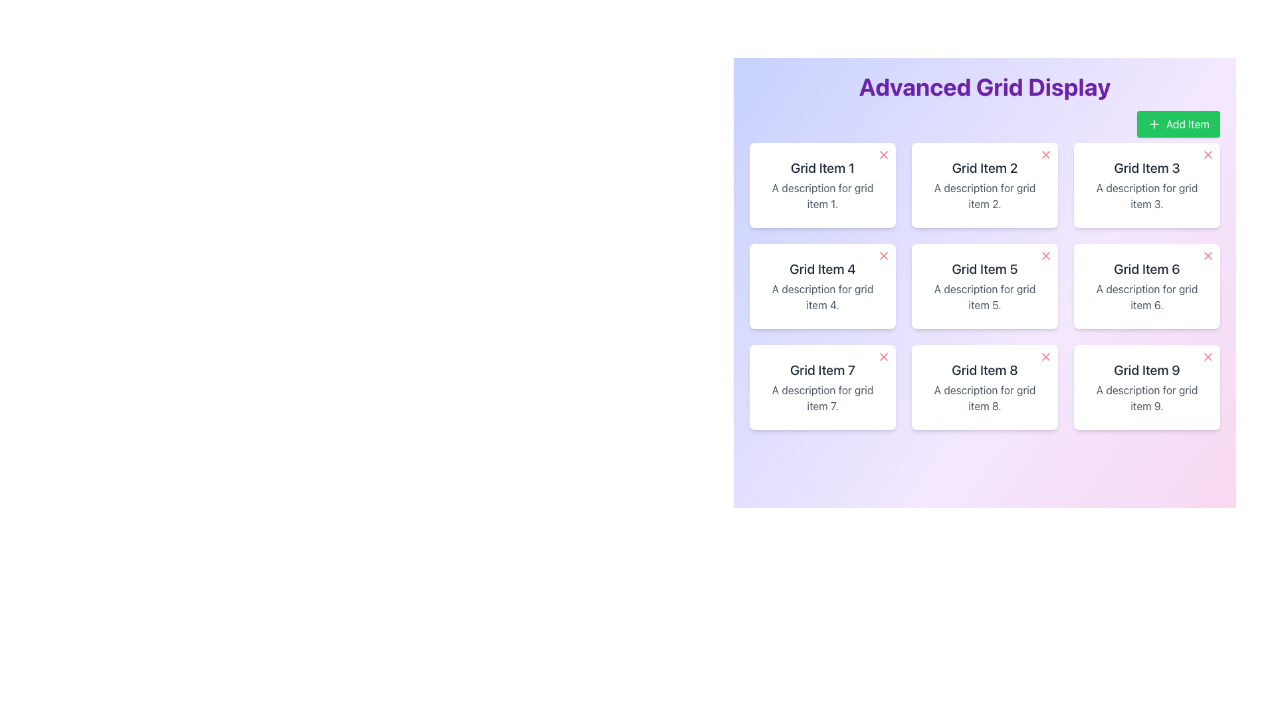 The width and height of the screenshot is (1276, 718). Describe the element at coordinates (883, 256) in the screenshot. I see `the small red 'x' icon button located at the top-right corner of the card labeled 'Grid Item 4'` at that location.